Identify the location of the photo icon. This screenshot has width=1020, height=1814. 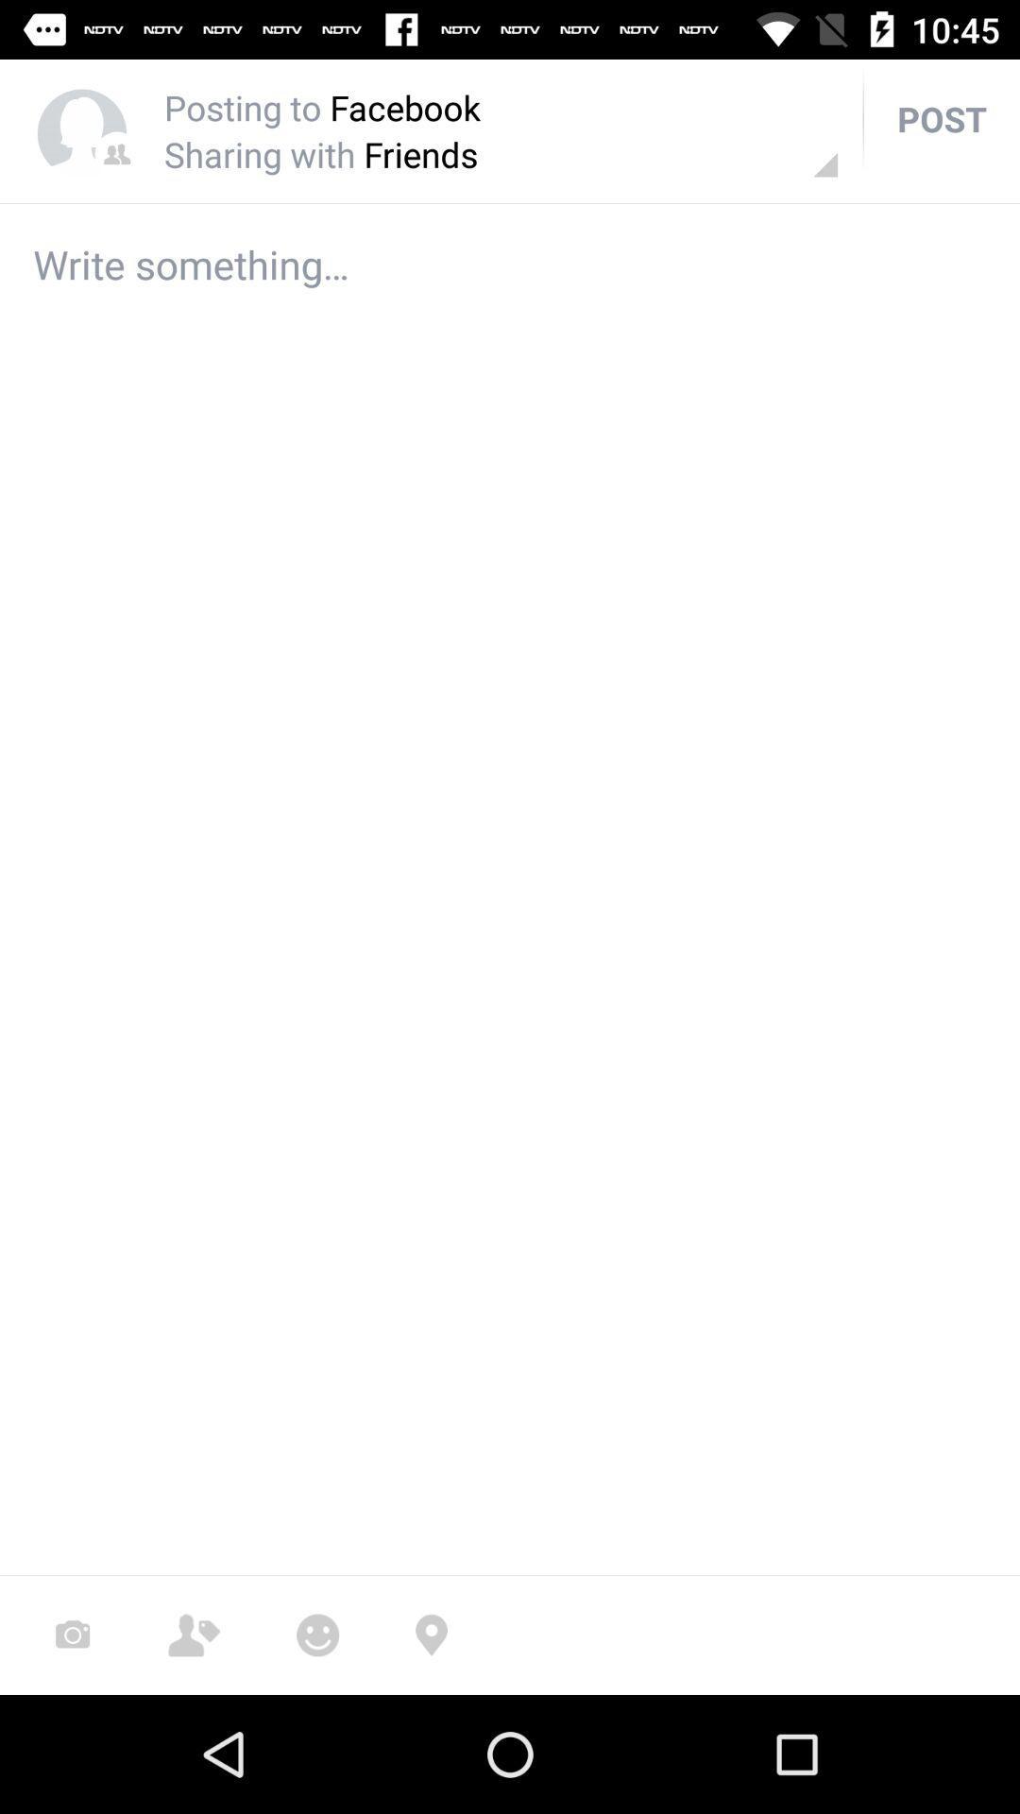
(72, 1634).